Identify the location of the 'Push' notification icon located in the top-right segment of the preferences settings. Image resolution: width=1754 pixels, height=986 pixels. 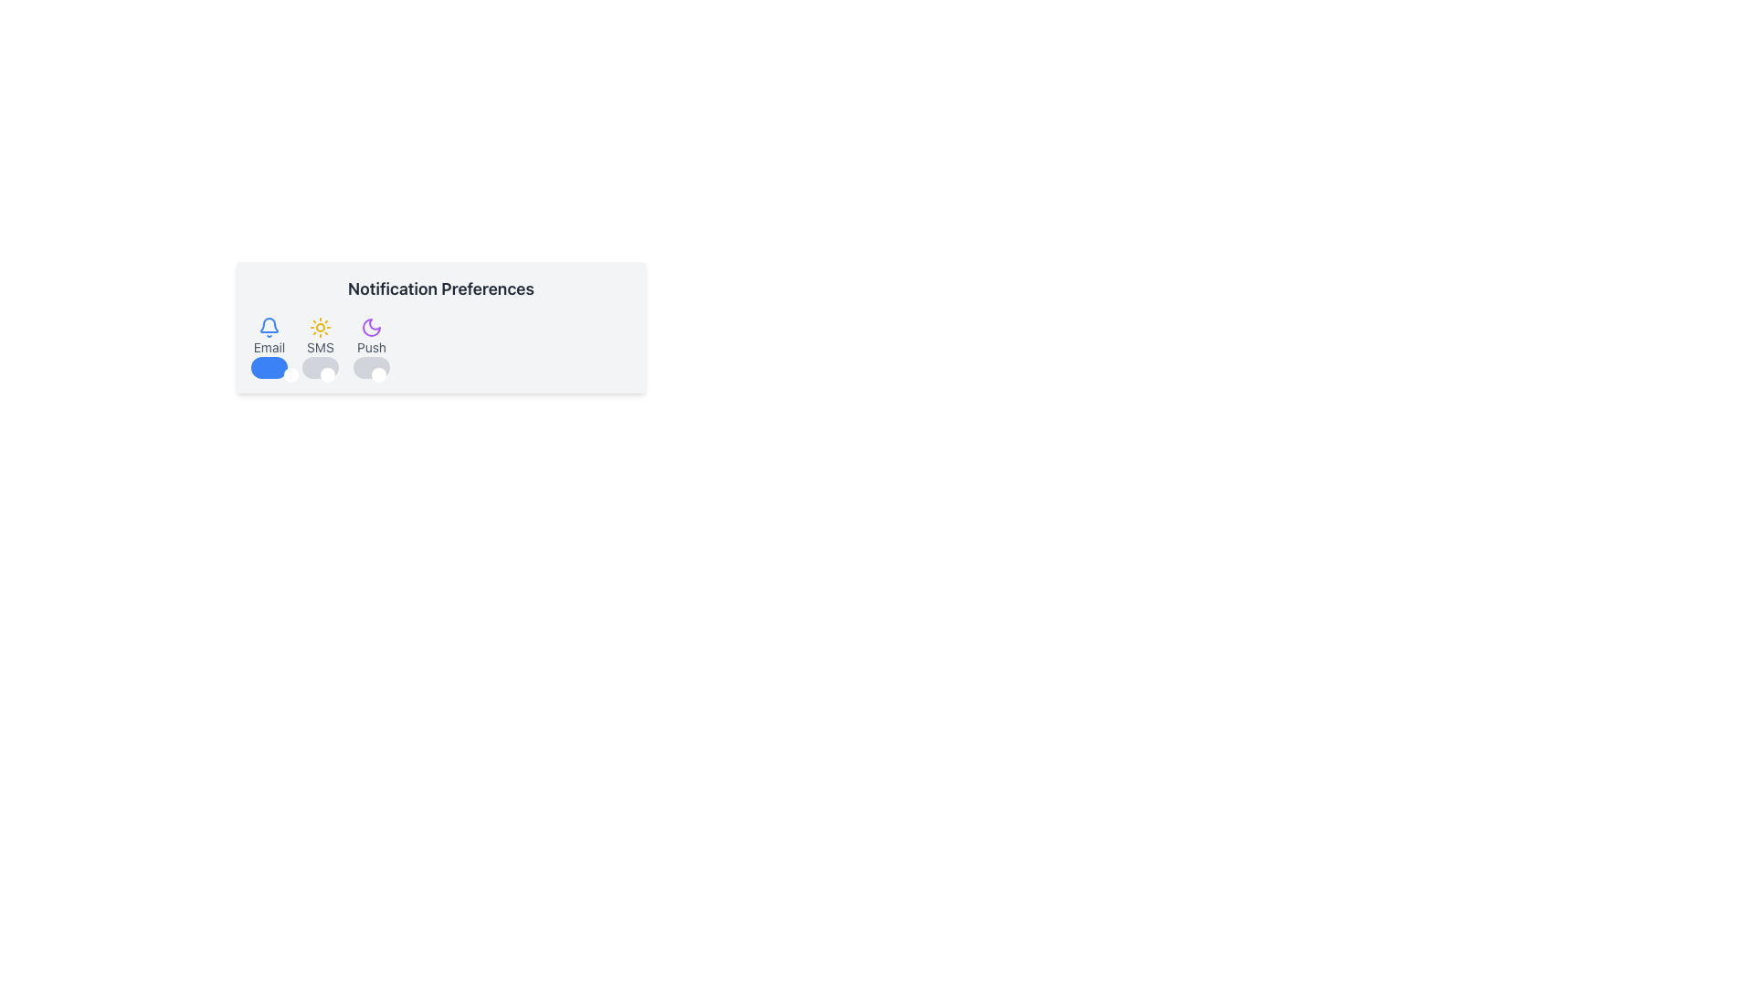
(371, 326).